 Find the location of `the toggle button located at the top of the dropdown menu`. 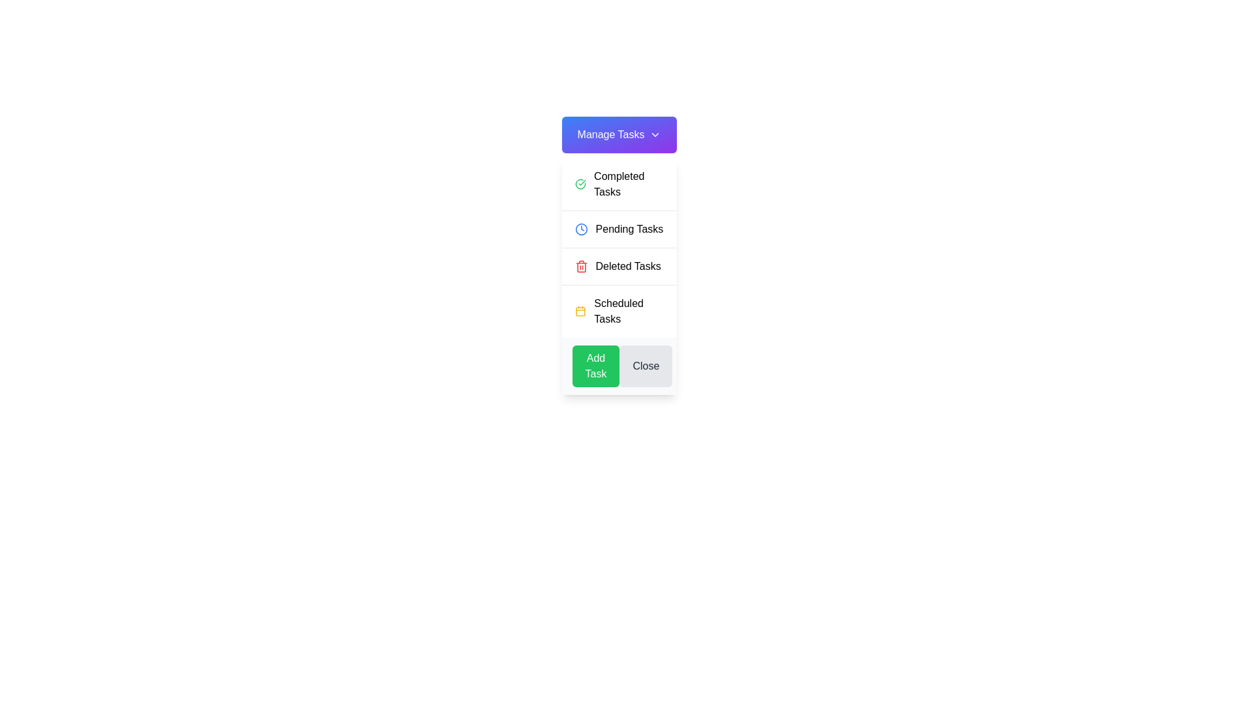

the toggle button located at the top of the dropdown menu is located at coordinates (619, 135).